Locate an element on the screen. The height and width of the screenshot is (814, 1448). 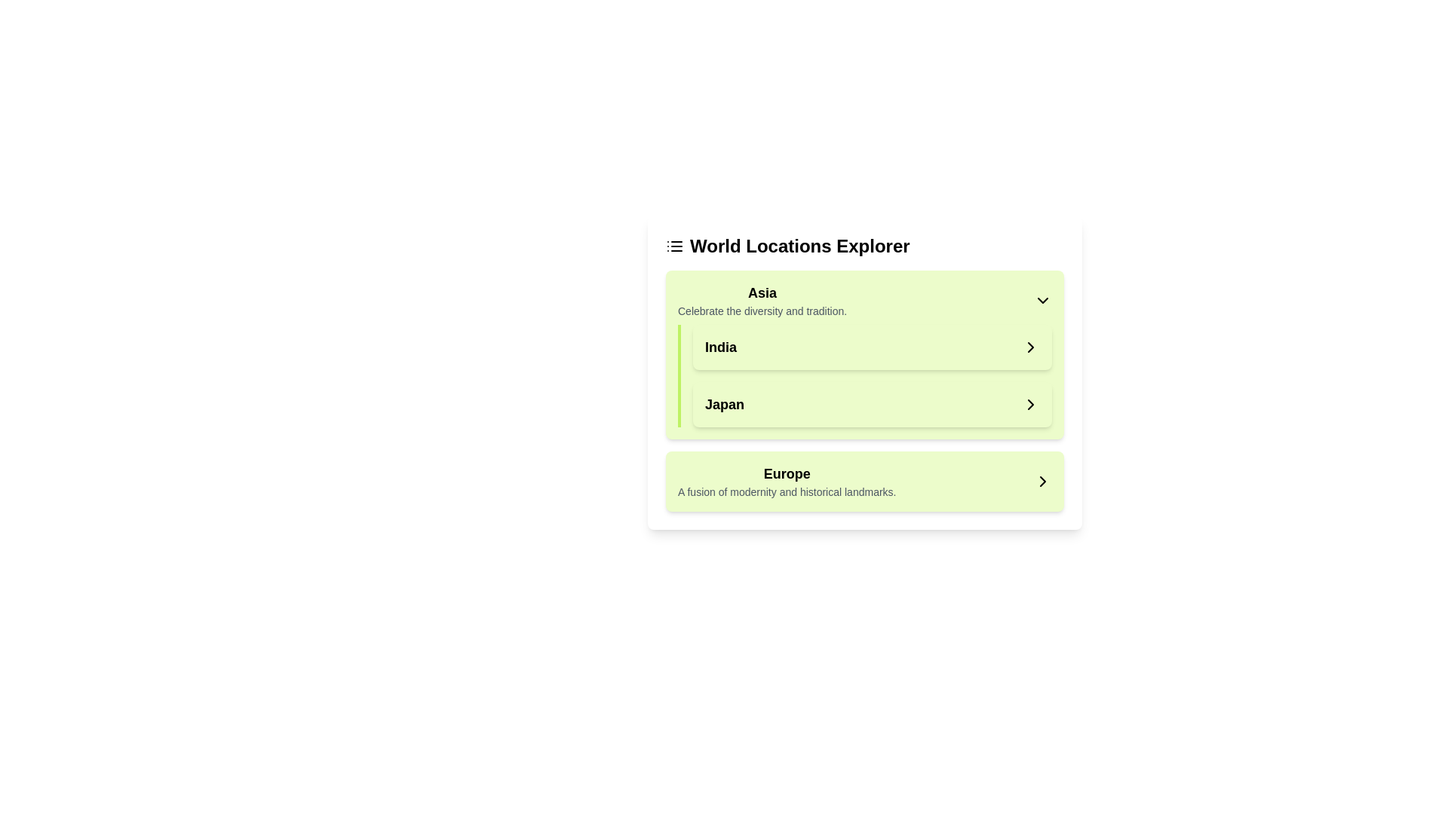
the selectable list item for the region 'Europe' is located at coordinates (786, 482).